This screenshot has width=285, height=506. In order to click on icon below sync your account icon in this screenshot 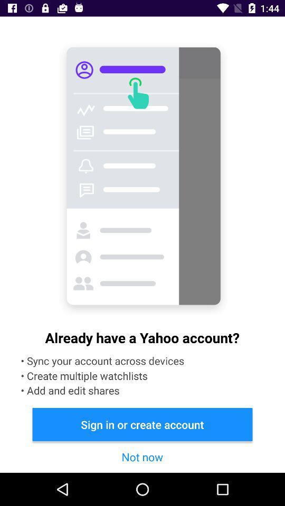, I will do `click(142, 424)`.